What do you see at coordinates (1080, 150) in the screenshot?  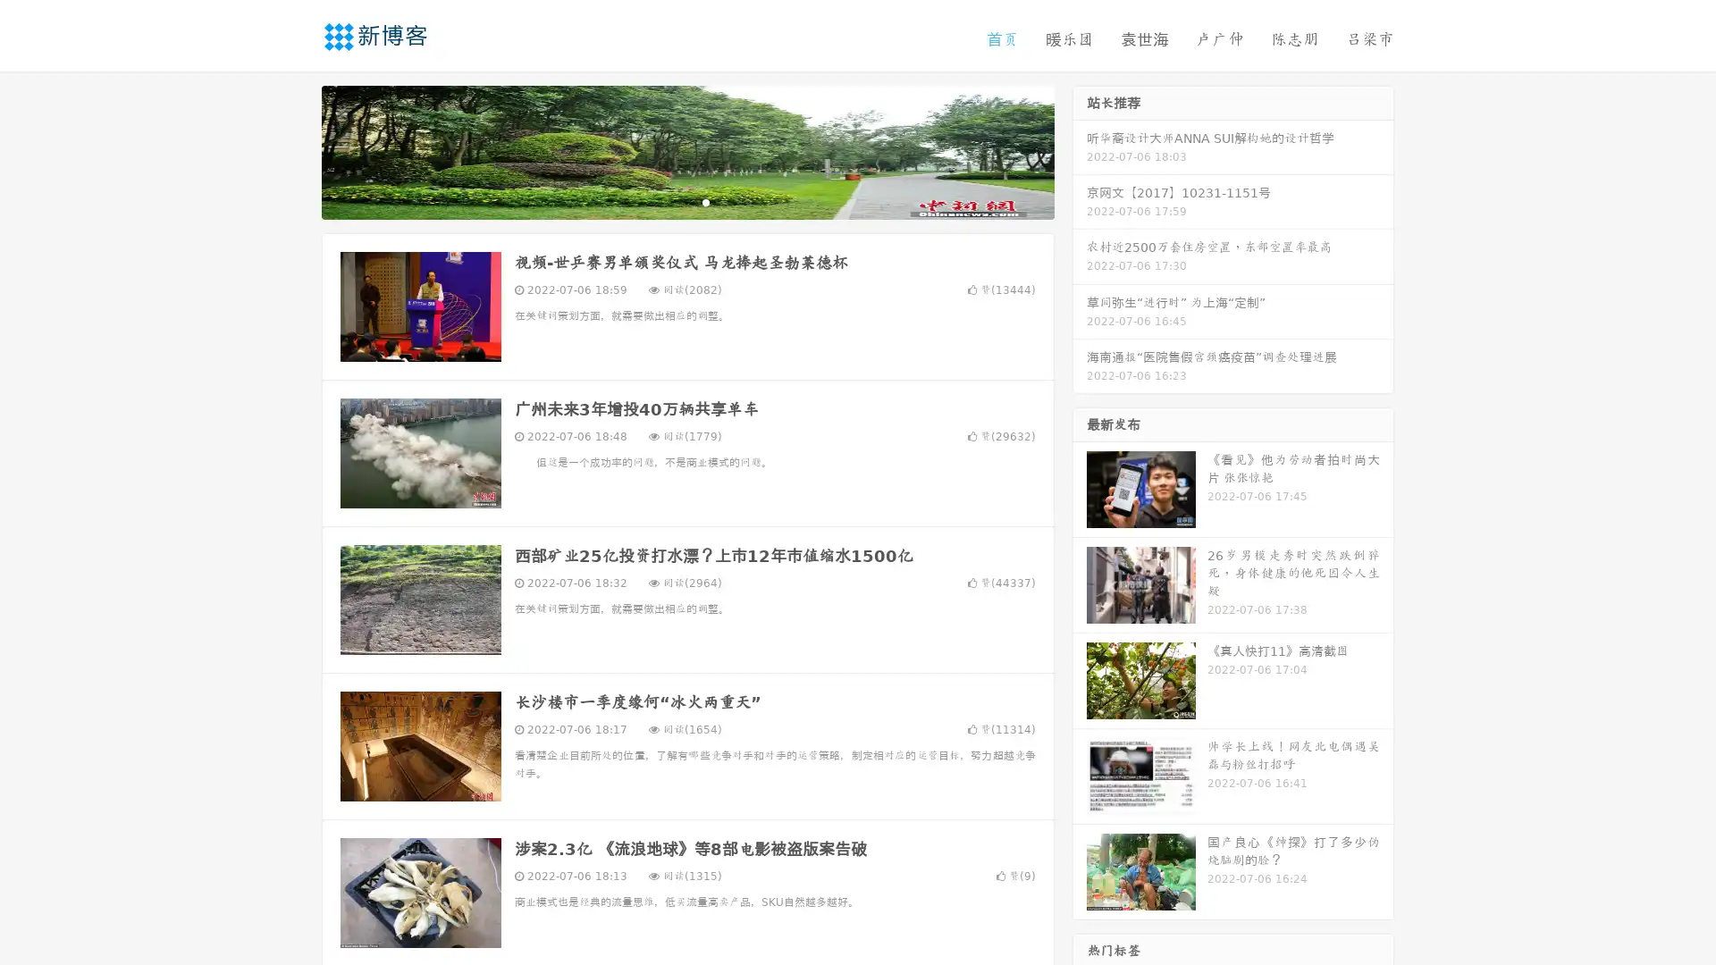 I see `Next slide` at bounding box center [1080, 150].